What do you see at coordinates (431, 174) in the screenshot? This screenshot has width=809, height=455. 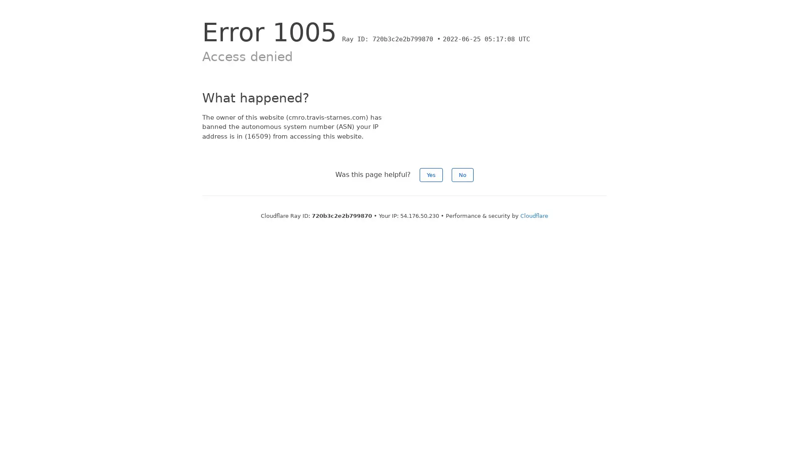 I see `Yes` at bounding box center [431, 174].